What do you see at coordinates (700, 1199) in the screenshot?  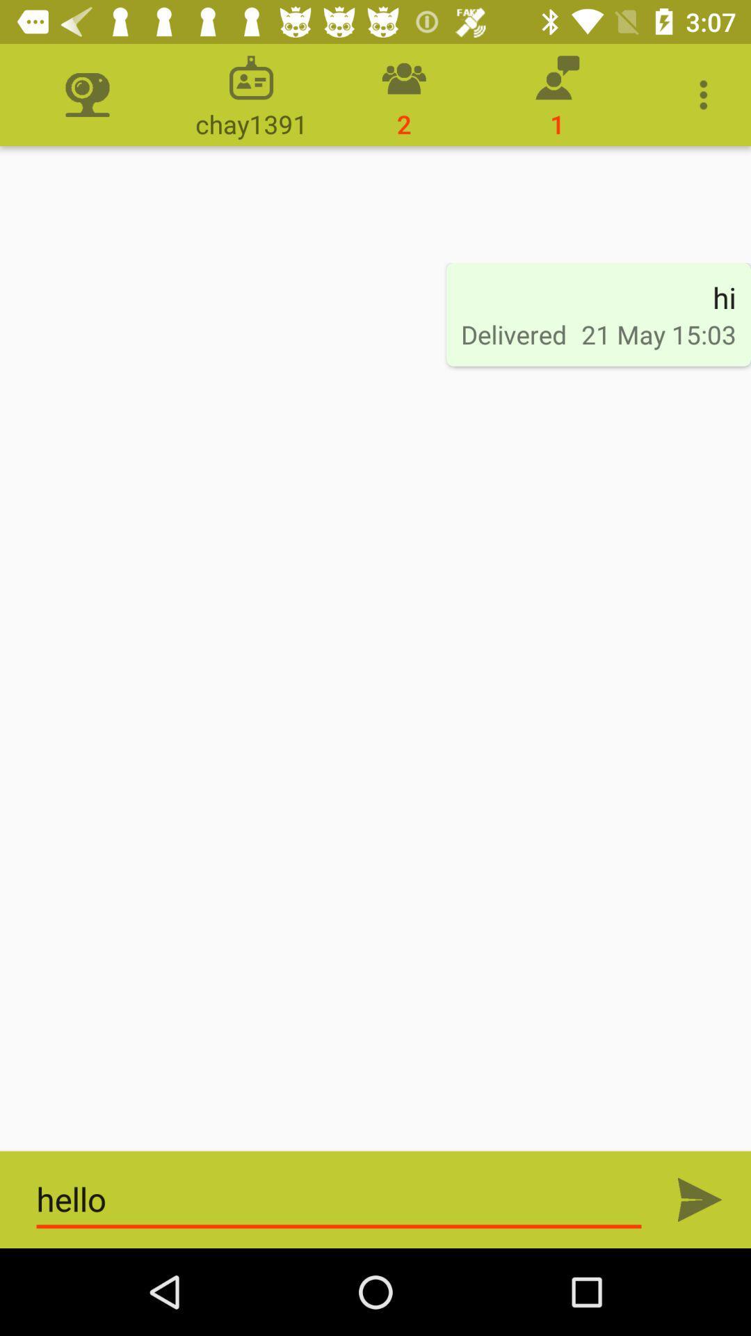 I see `the send icon` at bounding box center [700, 1199].